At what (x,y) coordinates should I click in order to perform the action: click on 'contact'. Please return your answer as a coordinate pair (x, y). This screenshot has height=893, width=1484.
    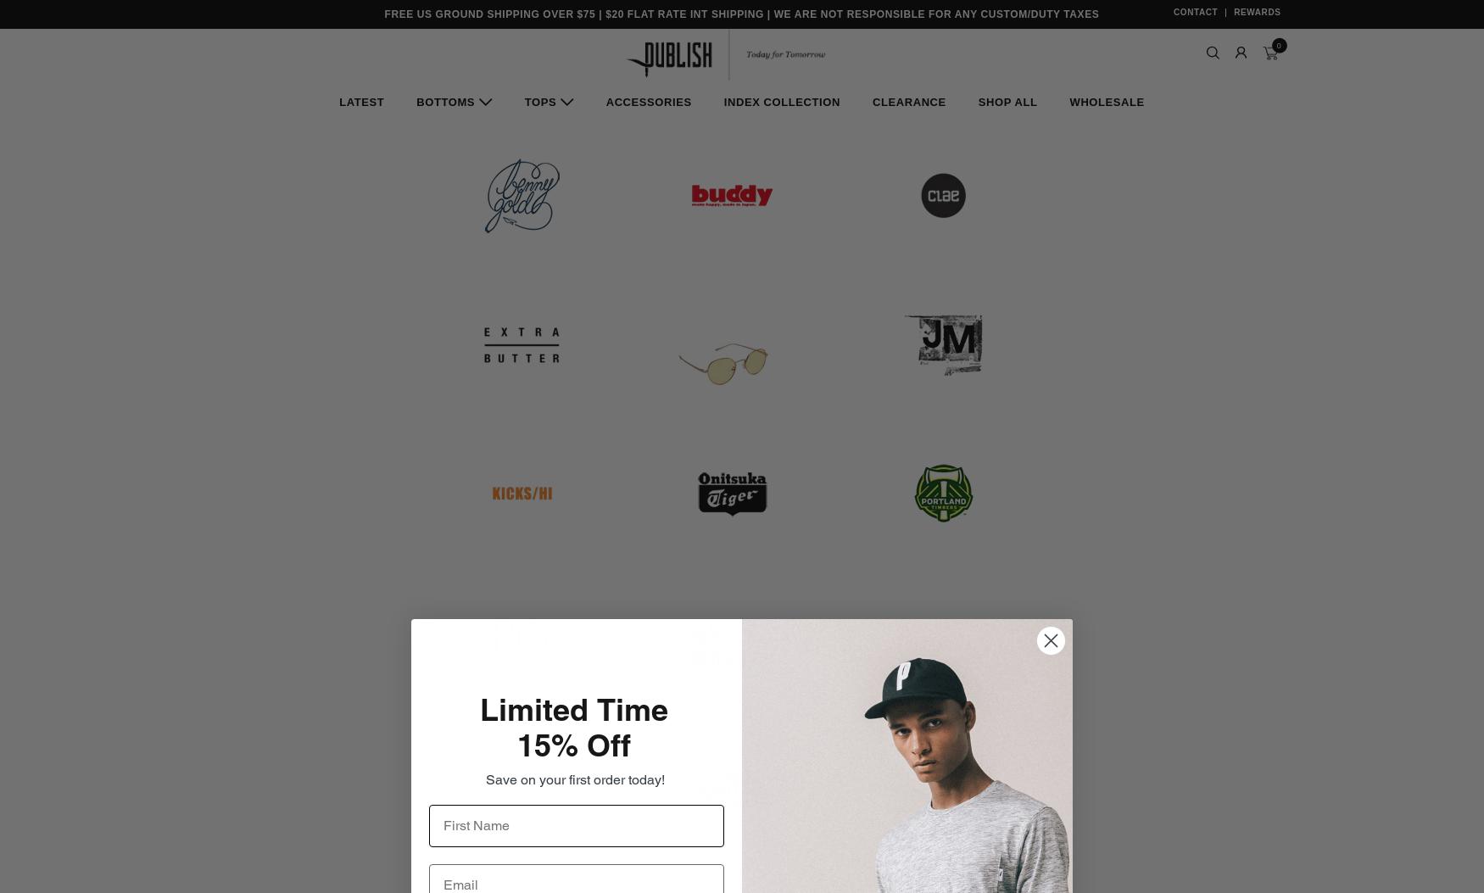
    Looking at the image, I should click on (1194, 12).